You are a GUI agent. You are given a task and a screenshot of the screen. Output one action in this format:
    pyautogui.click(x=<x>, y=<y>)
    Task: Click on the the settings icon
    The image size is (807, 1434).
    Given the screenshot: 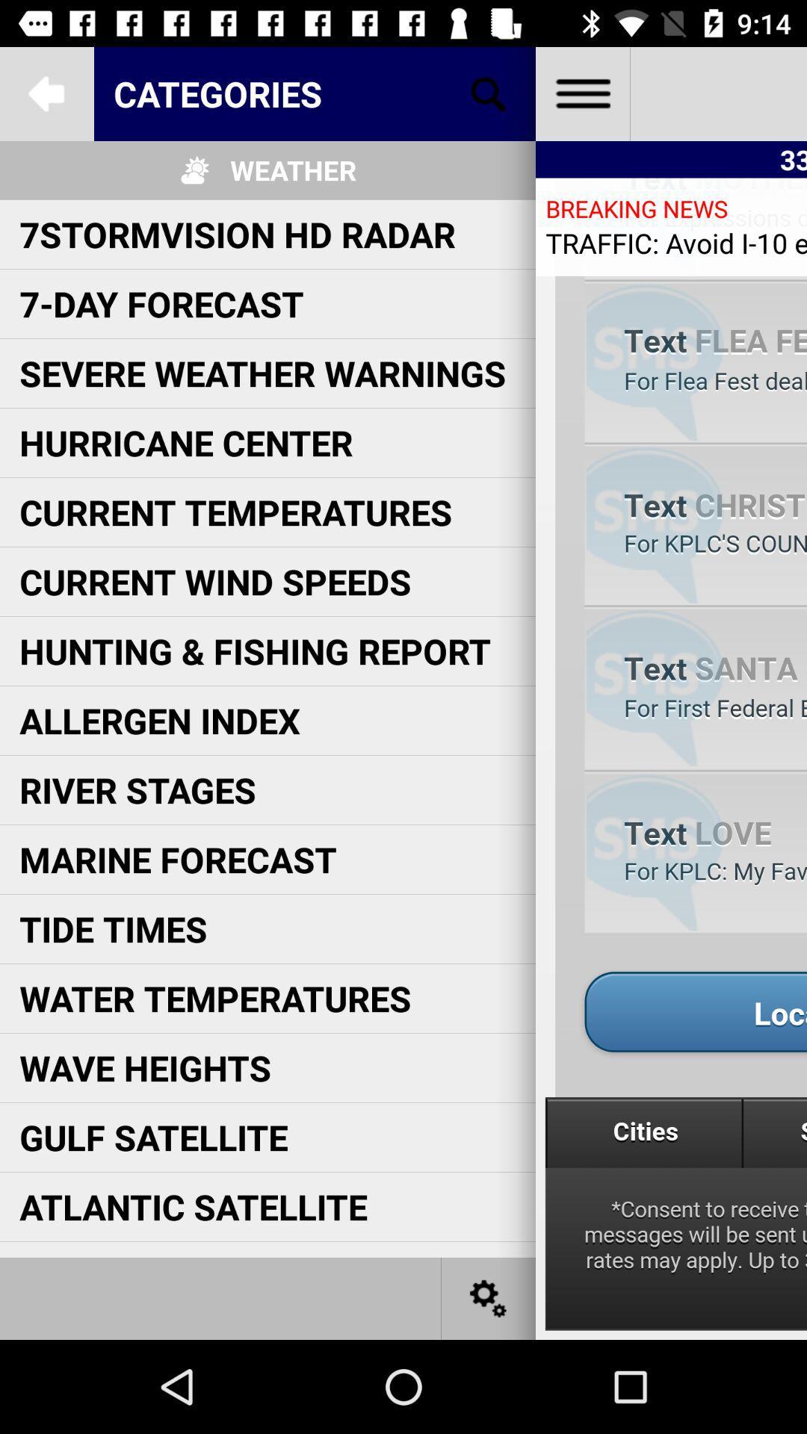 What is the action you would take?
    pyautogui.click(x=489, y=1297)
    